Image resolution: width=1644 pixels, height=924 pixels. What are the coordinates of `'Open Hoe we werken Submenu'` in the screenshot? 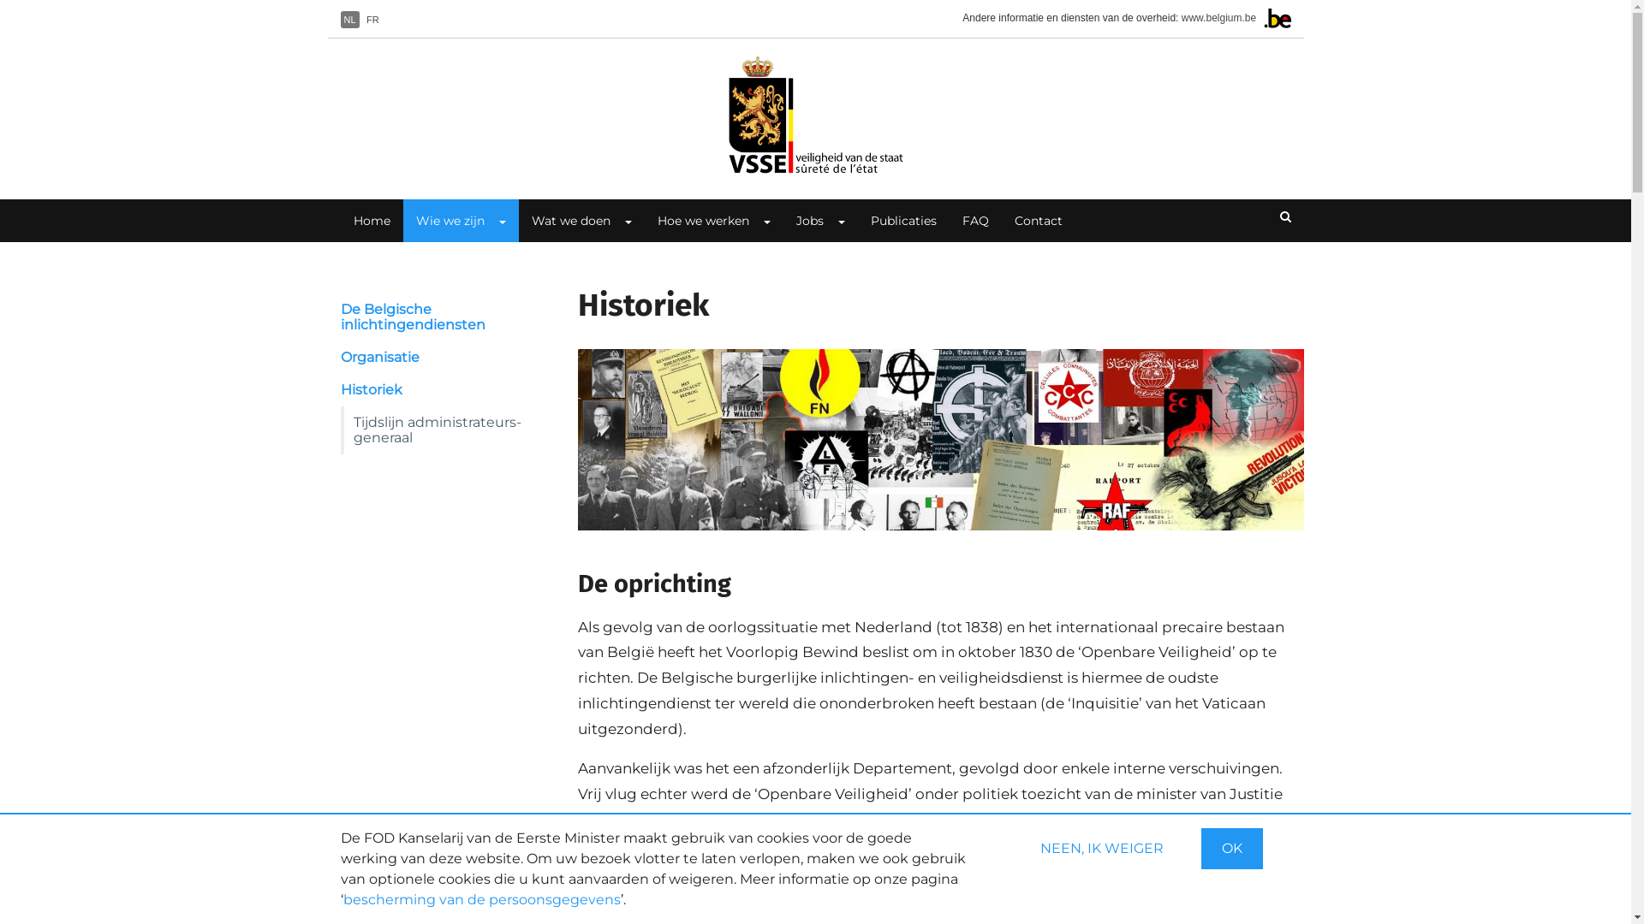 It's located at (764, 220).